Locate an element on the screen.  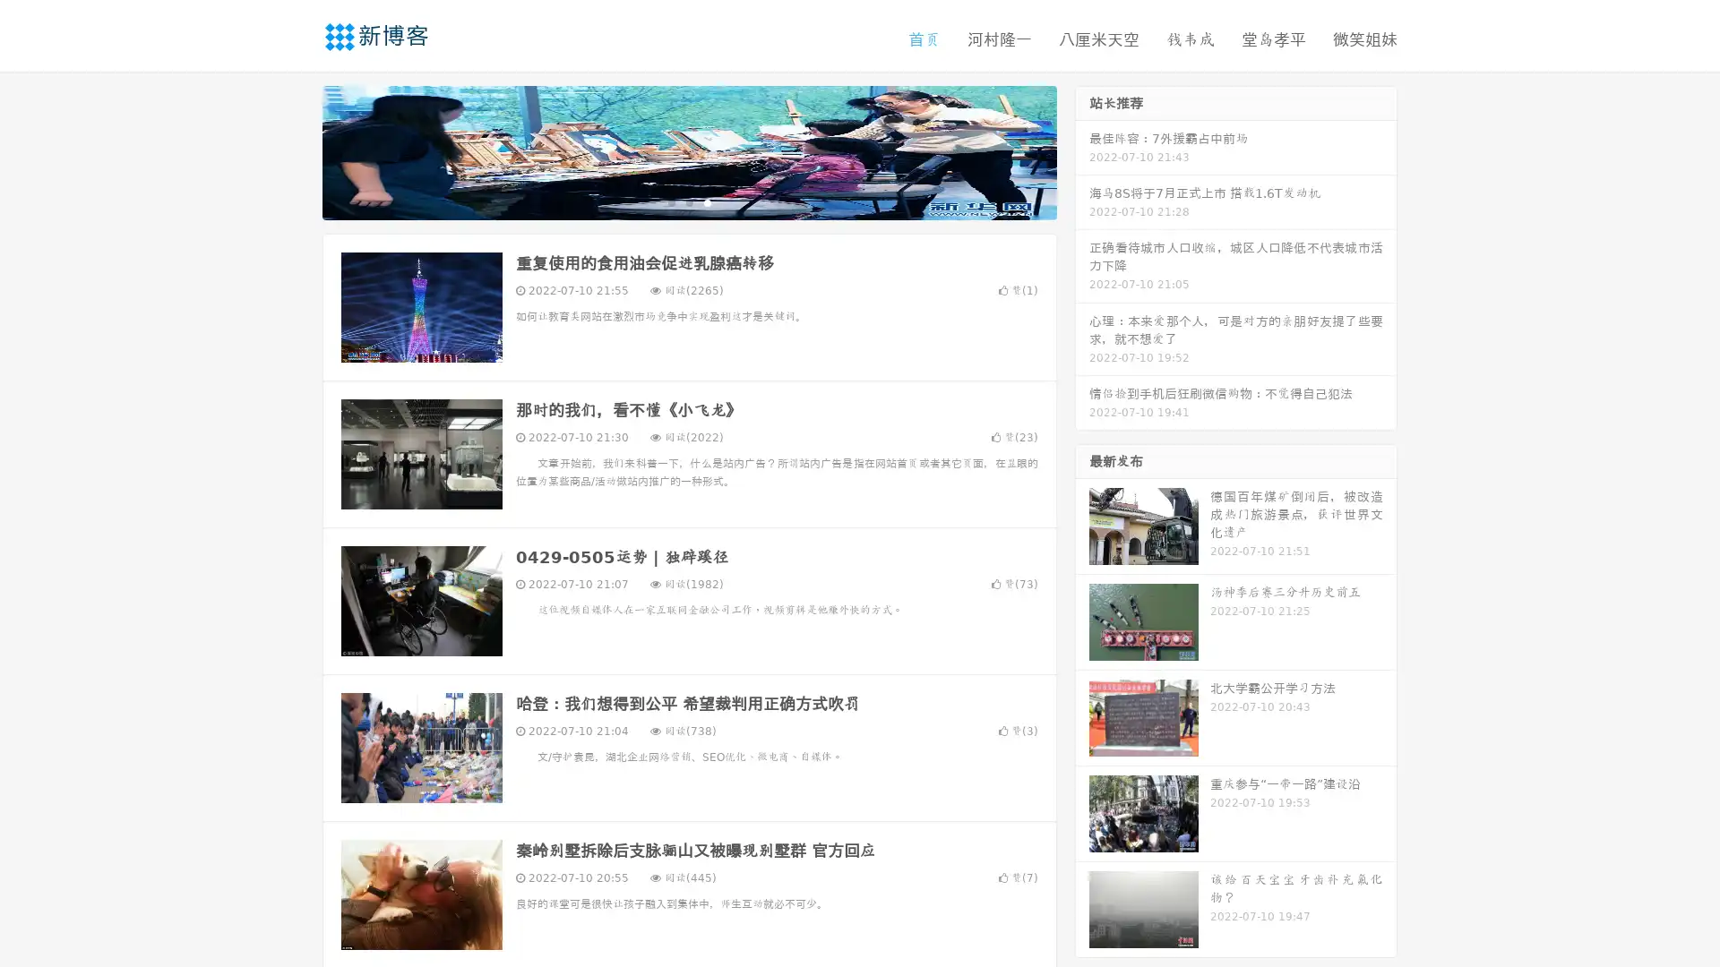
Go to slide 1 is located at coordinates (670, 201).